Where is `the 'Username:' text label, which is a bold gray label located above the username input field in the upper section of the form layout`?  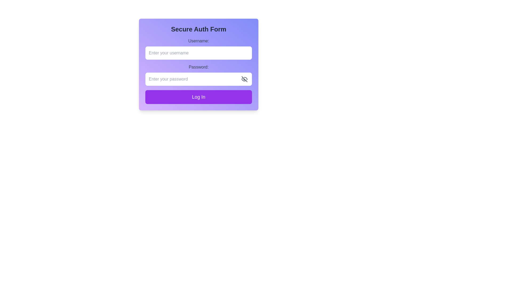 the 'Username:' text label, which is a bold gray label located above the username input field in the upper section of the form layout is located at coordinates (198, 41).